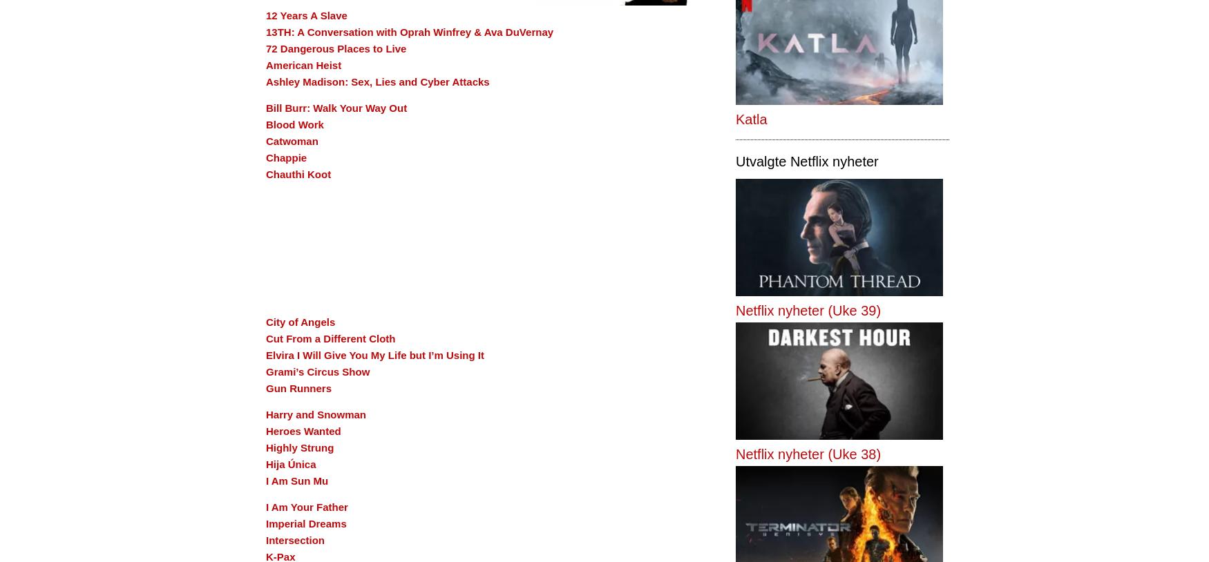 This screenshot has height=562, width=1209. I want to click on '13TH: A Conversation with Oprah Winfrey & Ava DuVernay', so click(410, 31).